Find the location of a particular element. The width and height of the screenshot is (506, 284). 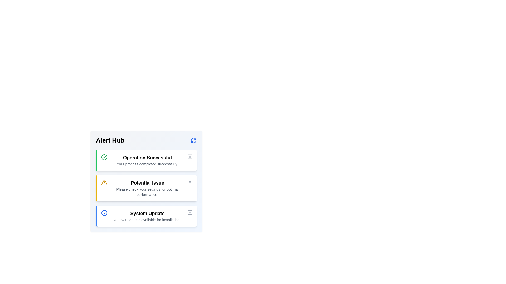

the triangular icon with a yellow border that is located in the second row of the notification list, next to the 'Potential Issue' section to interact with its associated notification is located at coordinates (104, 182).